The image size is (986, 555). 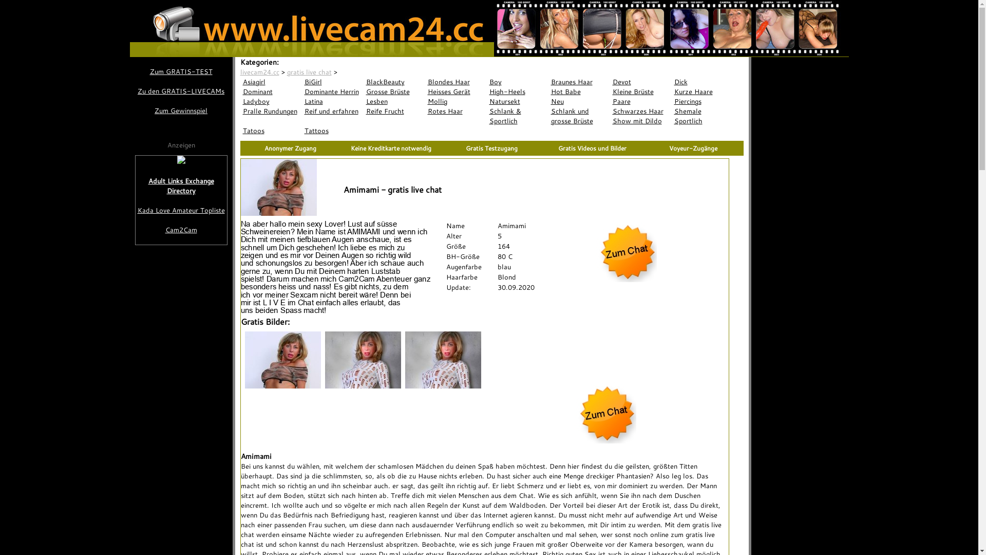 I want to click on 'Lesben', so click(x=394, y=101).